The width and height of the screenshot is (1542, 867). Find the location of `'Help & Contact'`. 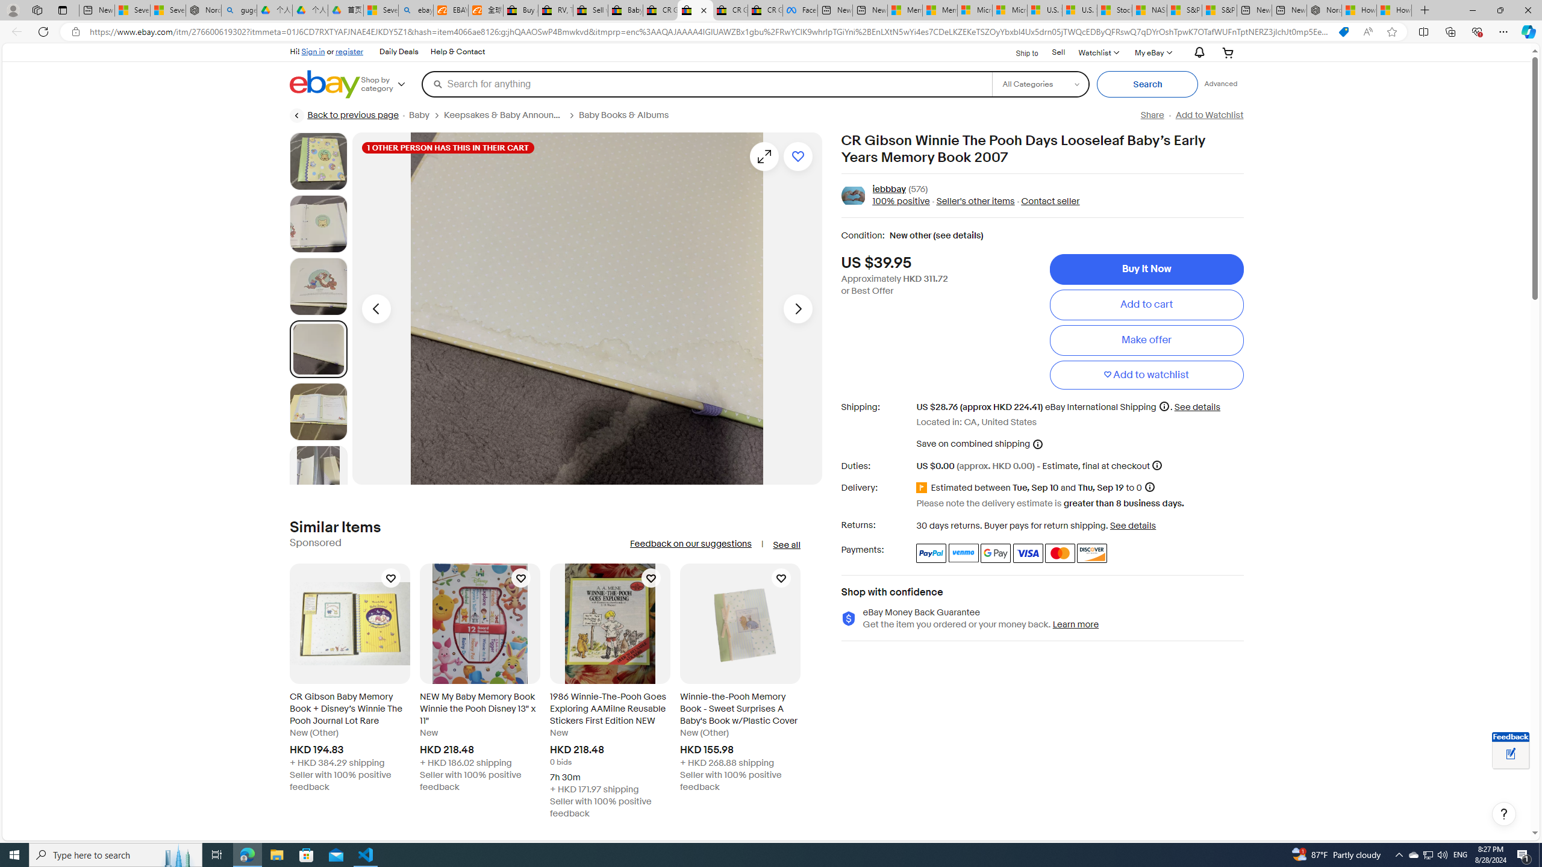

'Help & Contact' is located at coordinates (457, 52).